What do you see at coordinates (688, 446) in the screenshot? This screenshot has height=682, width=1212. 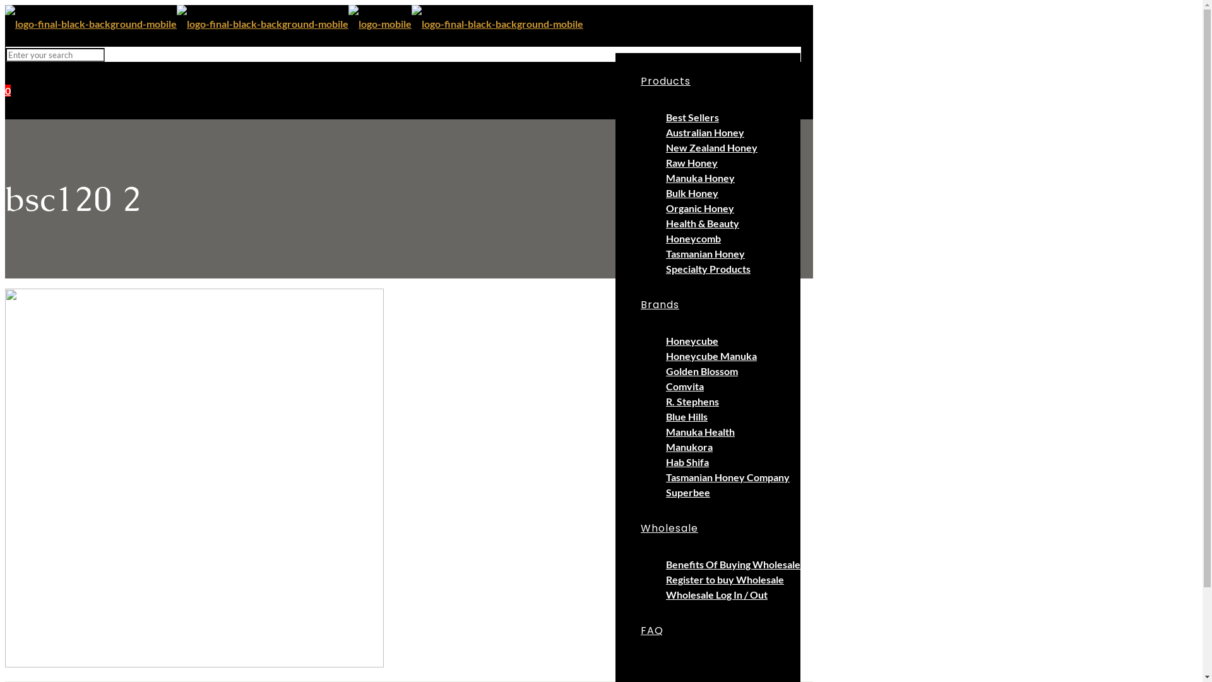 I see `'Manukora'` at bounding box center [688, 446].